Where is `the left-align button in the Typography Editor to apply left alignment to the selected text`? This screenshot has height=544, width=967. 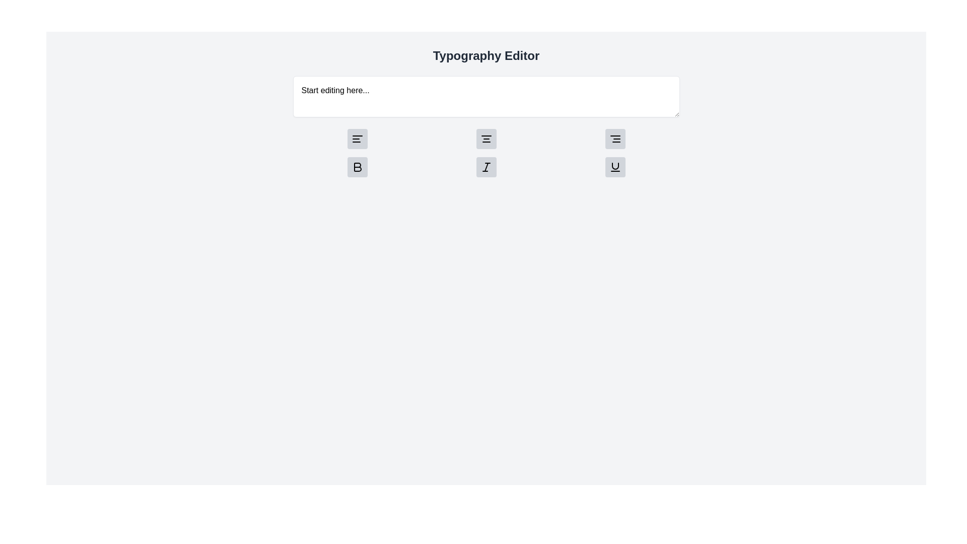
the left-align button in the Typography Editor to apply left alignment to the selected text is located at coordinates (357, 139).